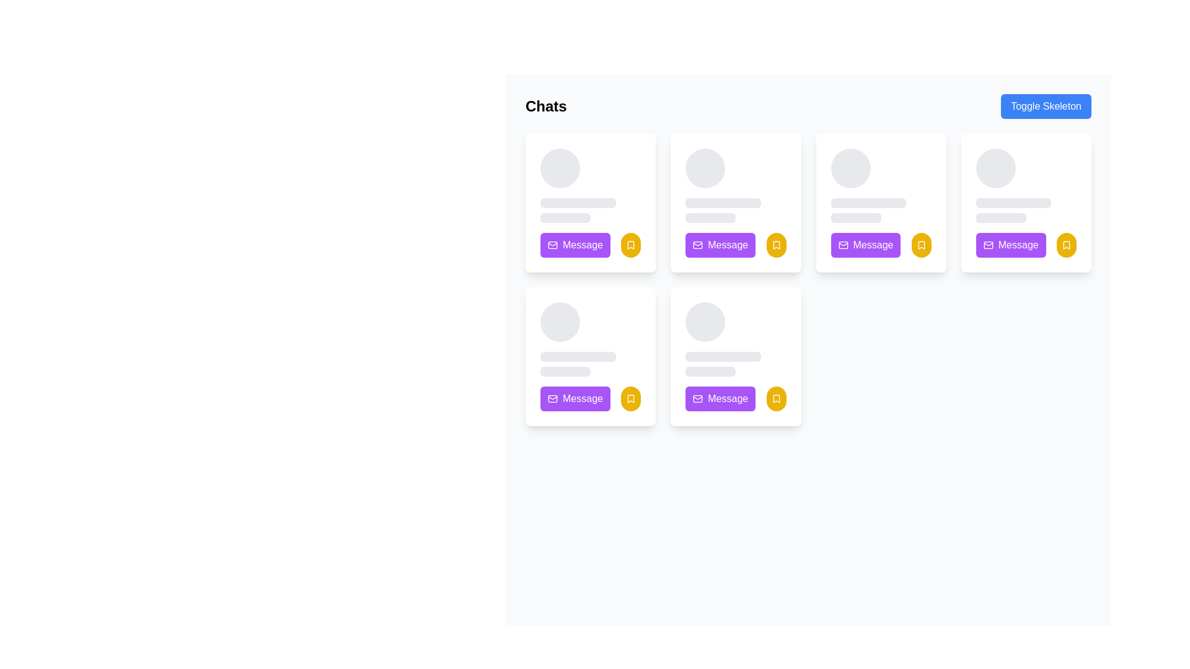 The image size is (1190, 669). What do you see at coordinates (723, 356) in the screenshot?
I see `the Placeholder rectangle located in the bottom-right card of the grid layout, which serves as a visual placeholder within a loading UI` at bounding box center [723, 356].